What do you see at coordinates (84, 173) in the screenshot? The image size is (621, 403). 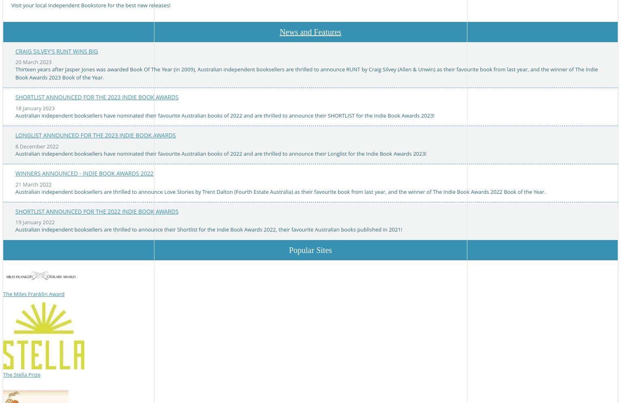 I see `'Winners Announced - Indie Book Awards 2022'` at bounding box center [84, 173].